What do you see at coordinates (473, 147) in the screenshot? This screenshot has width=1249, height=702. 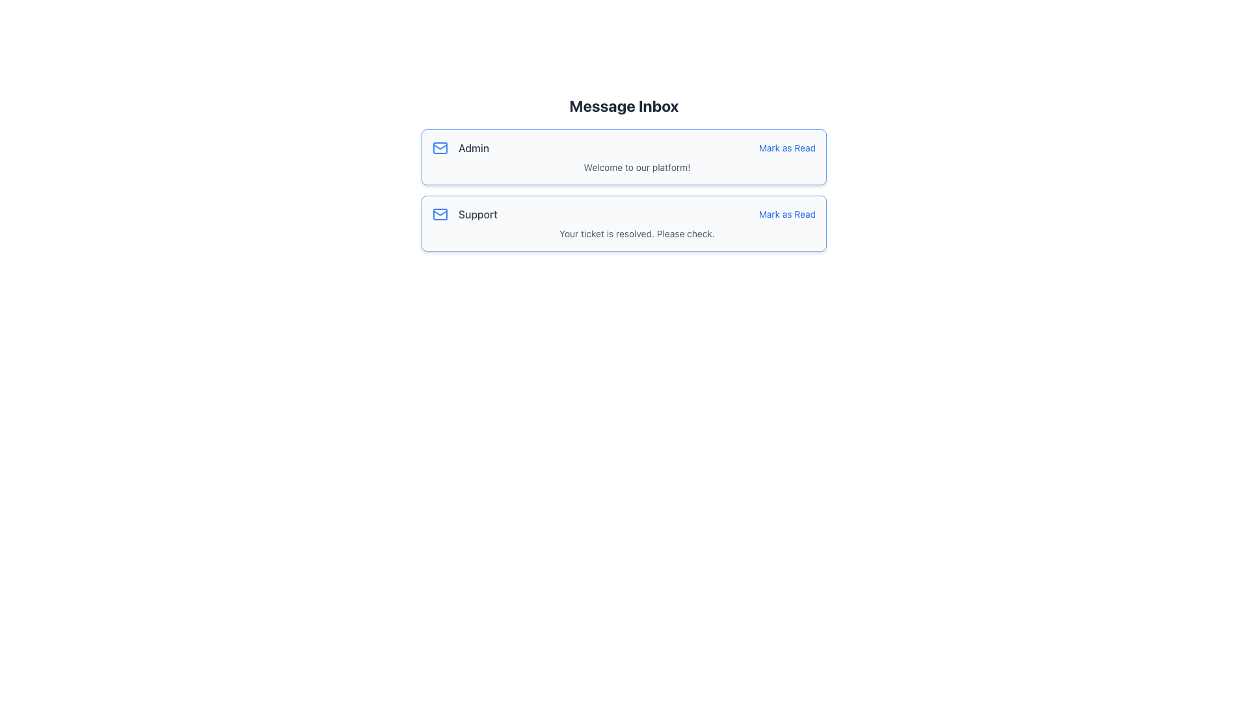 I see `the Text label indicating the sender or category of the message in the first message card of the 'Message Inbox' section, located on the left side before the 'Mark as Read' link` at bounding box center [473, 147].